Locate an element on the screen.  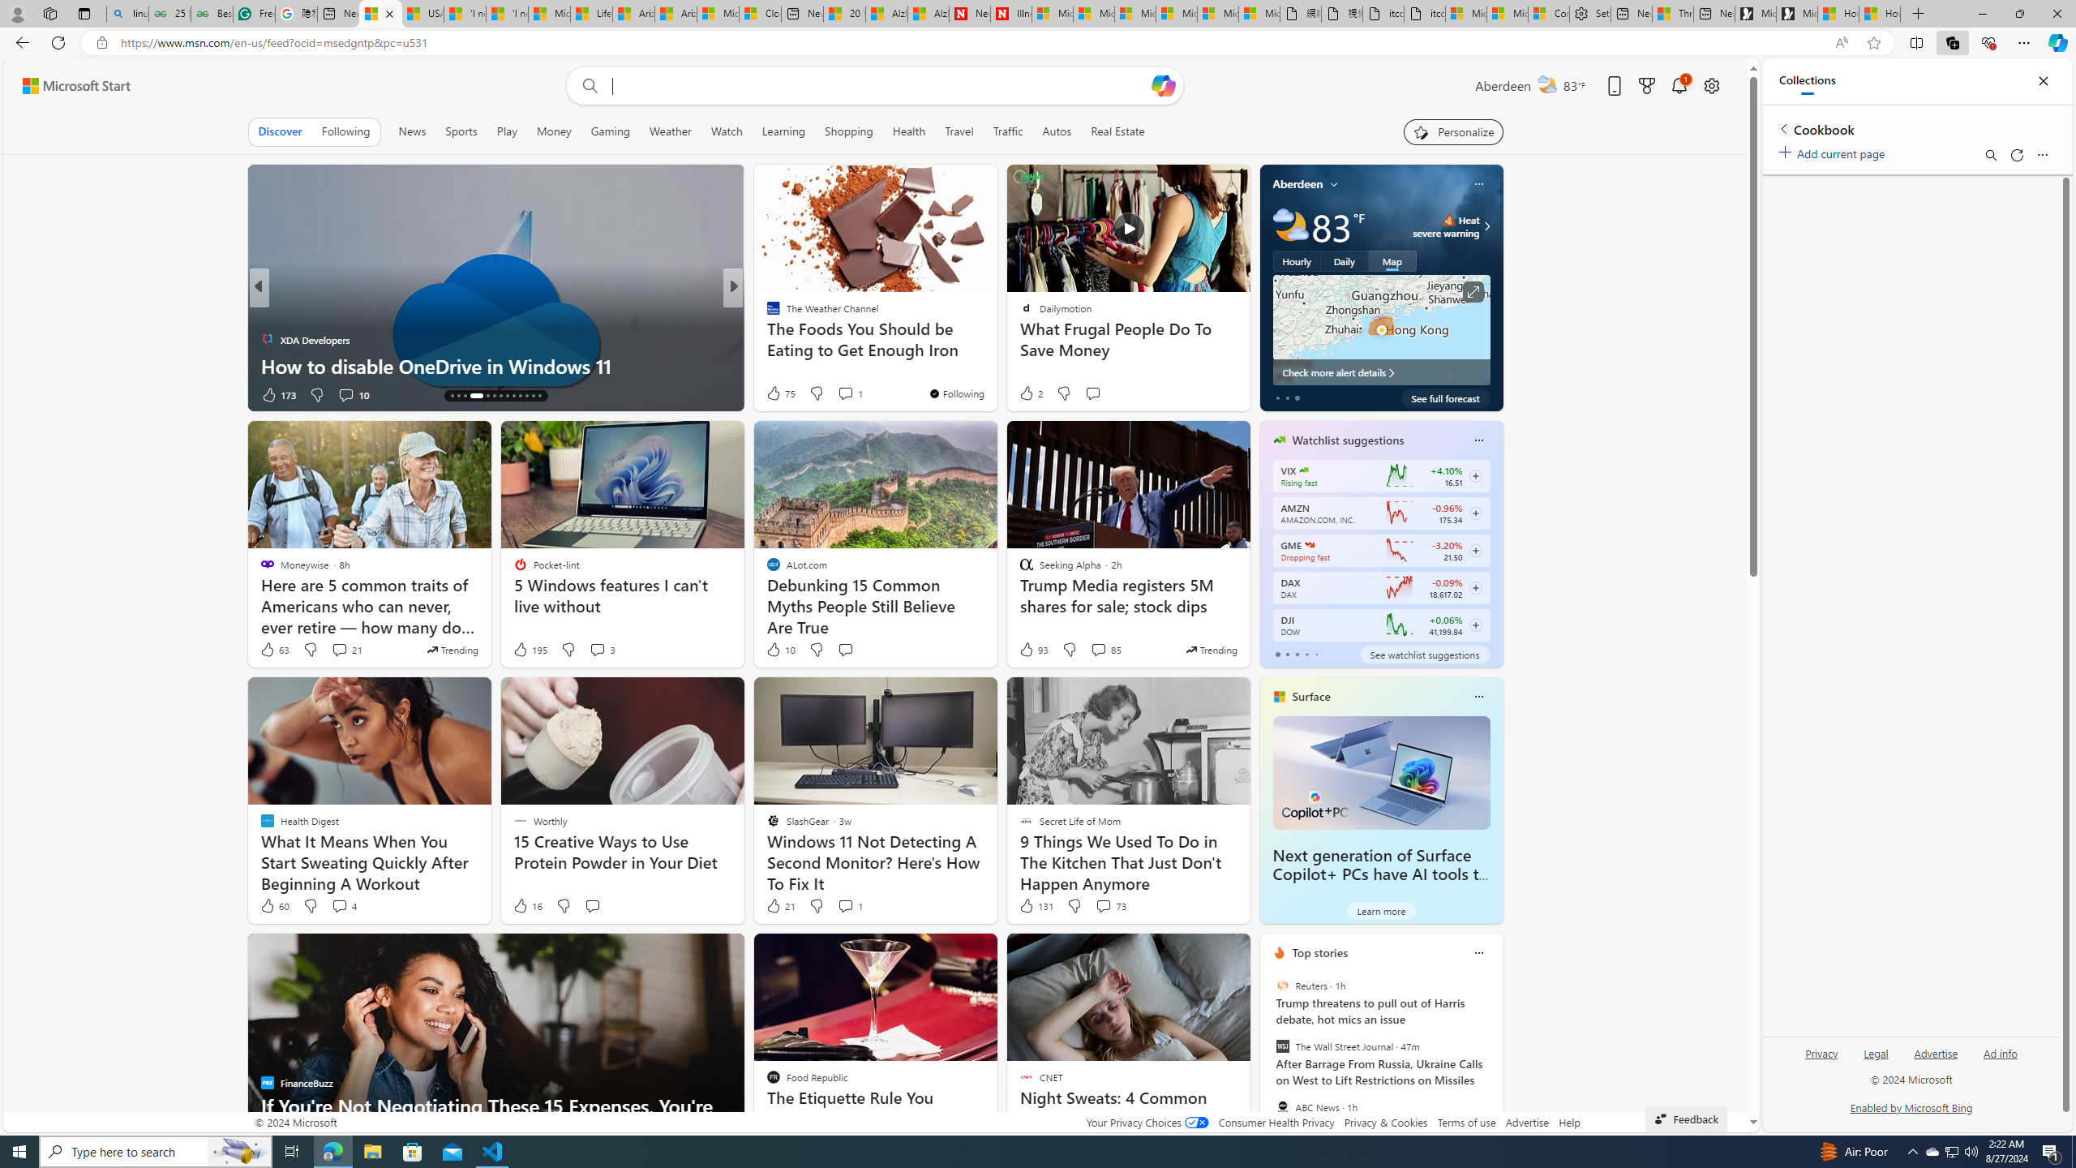
'tab-1' is located at coordinates (1287, 655).